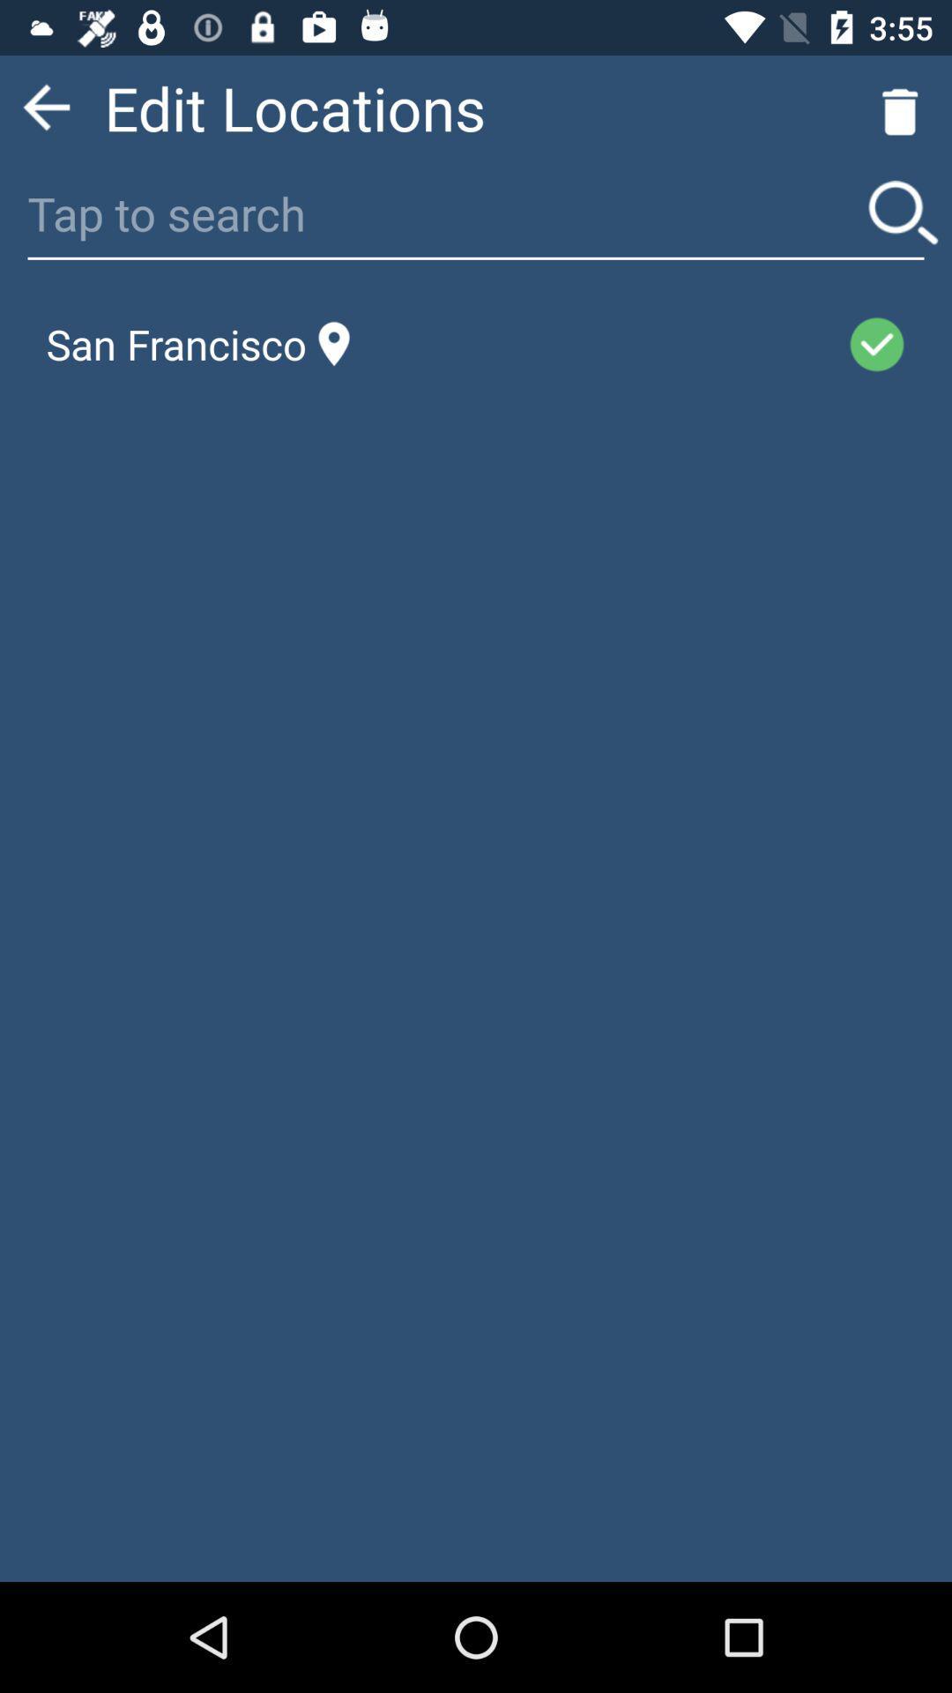 The height and width of the screenshot is (1693, 952). Describe the element at coordinates (900, 107) in the screenshot. I see `the delete icon` at that location.